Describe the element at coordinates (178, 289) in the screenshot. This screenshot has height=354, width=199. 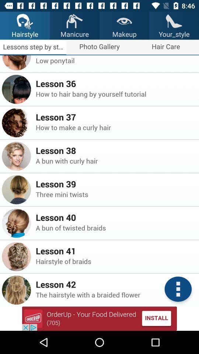
I see `click for more styles` at that location.